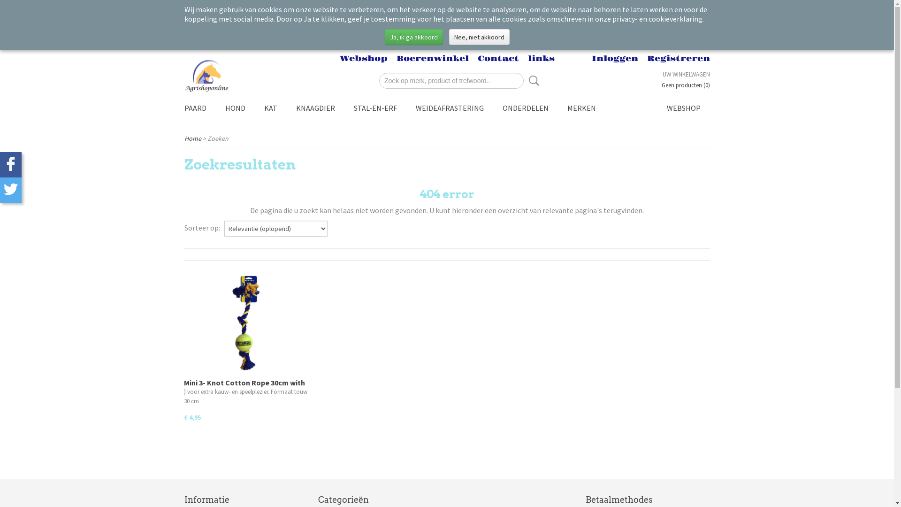 The height and width of the screenshot is (507, 901). Describe the element at coordinates (657, 108) in the screenshot. I see `'WEBSHOP'` at that location.